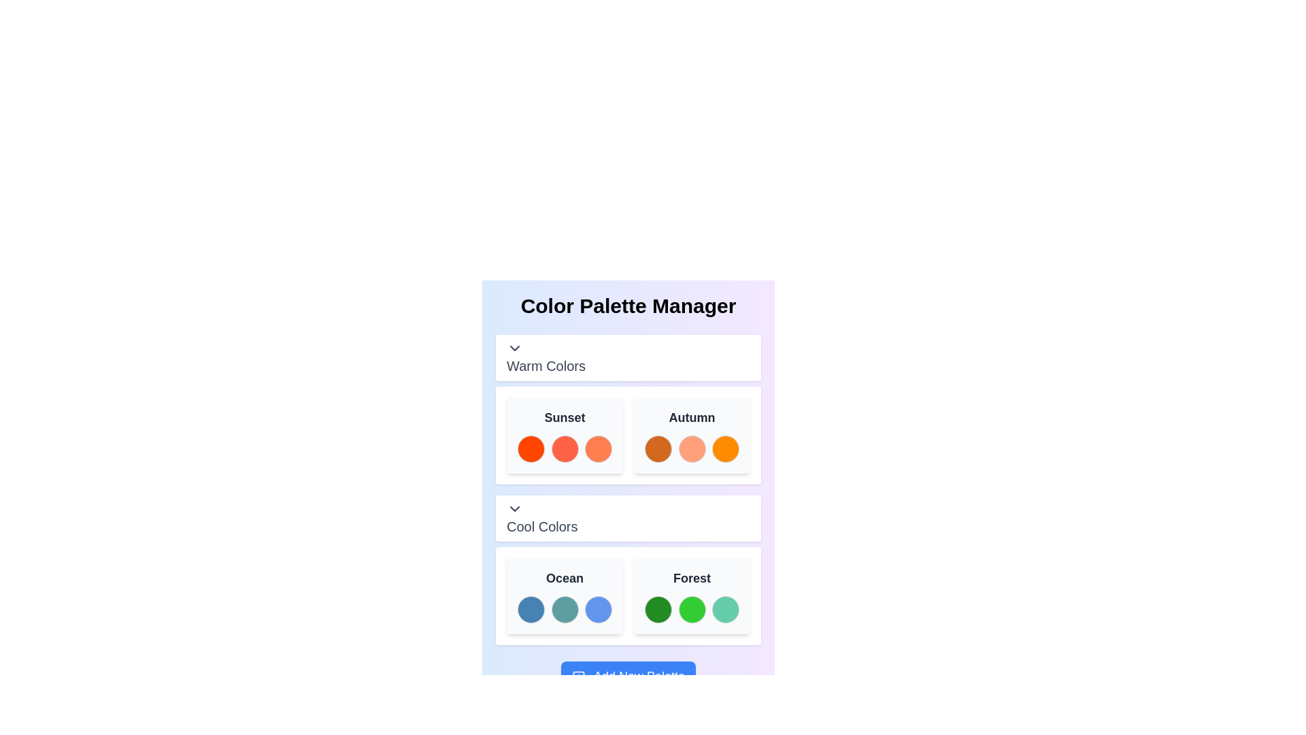 The image size is (1306, 735). What do you see at coordinates (658, 608) in the screenshot?
I see `the first circular color swatch with a green background in the 'Cool Colors' section of the 'Forest' palette` at bounding box center [658, 608].